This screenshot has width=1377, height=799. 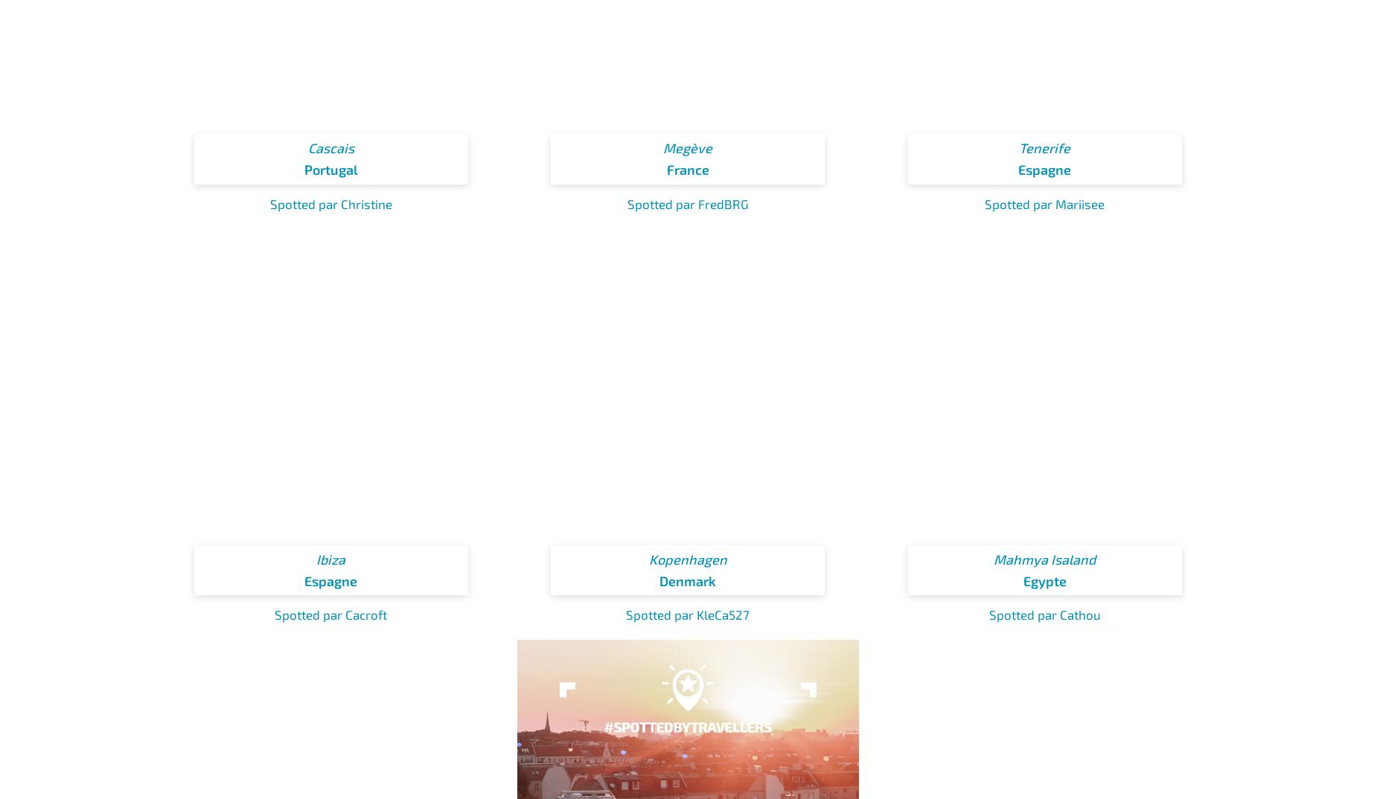 I want to click on 'Portugal', so click(x=302, y=169).